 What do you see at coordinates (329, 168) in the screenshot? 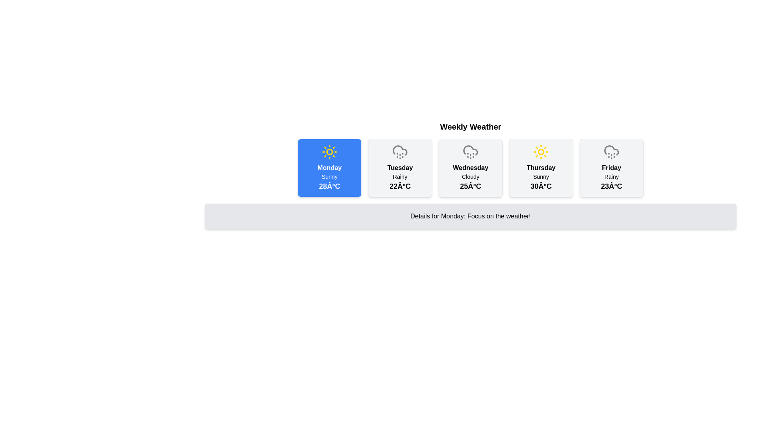
I see `the bold text label displaying 'Monday' in white font against a blue background, located at the top of the card in the weekly weather forecast row` at bounding box center [329, 168].